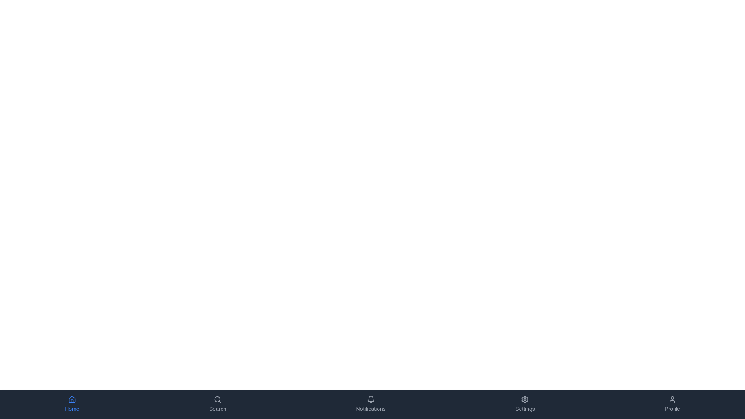 This screenshot has width=745, height=419. I want to click on the 'Profile' text label located in the bottom-right corner of the interface, so click(672, 408).